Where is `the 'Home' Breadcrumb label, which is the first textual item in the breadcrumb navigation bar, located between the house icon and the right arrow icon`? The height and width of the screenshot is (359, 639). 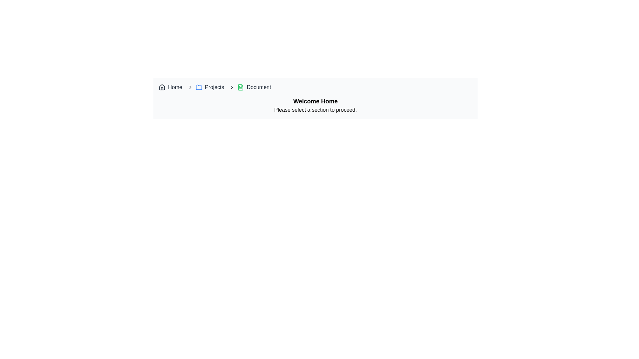 the 'Home' Breadcrumb label, which is the first textual item in the breadcrumb navigation bar, located between the house icon and the right arrow icon is located at coordinates (175, 87).